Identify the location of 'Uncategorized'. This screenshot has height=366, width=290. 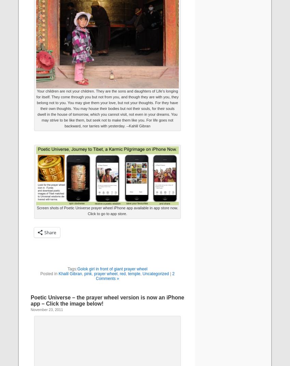
(155, 273).